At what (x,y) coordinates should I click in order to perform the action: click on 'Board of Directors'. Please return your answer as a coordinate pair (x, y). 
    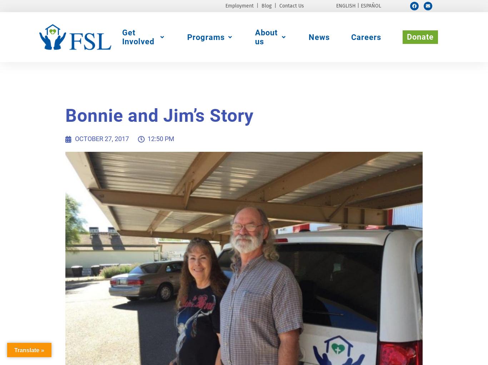
    Looking at the image, I should click on (277, 82).